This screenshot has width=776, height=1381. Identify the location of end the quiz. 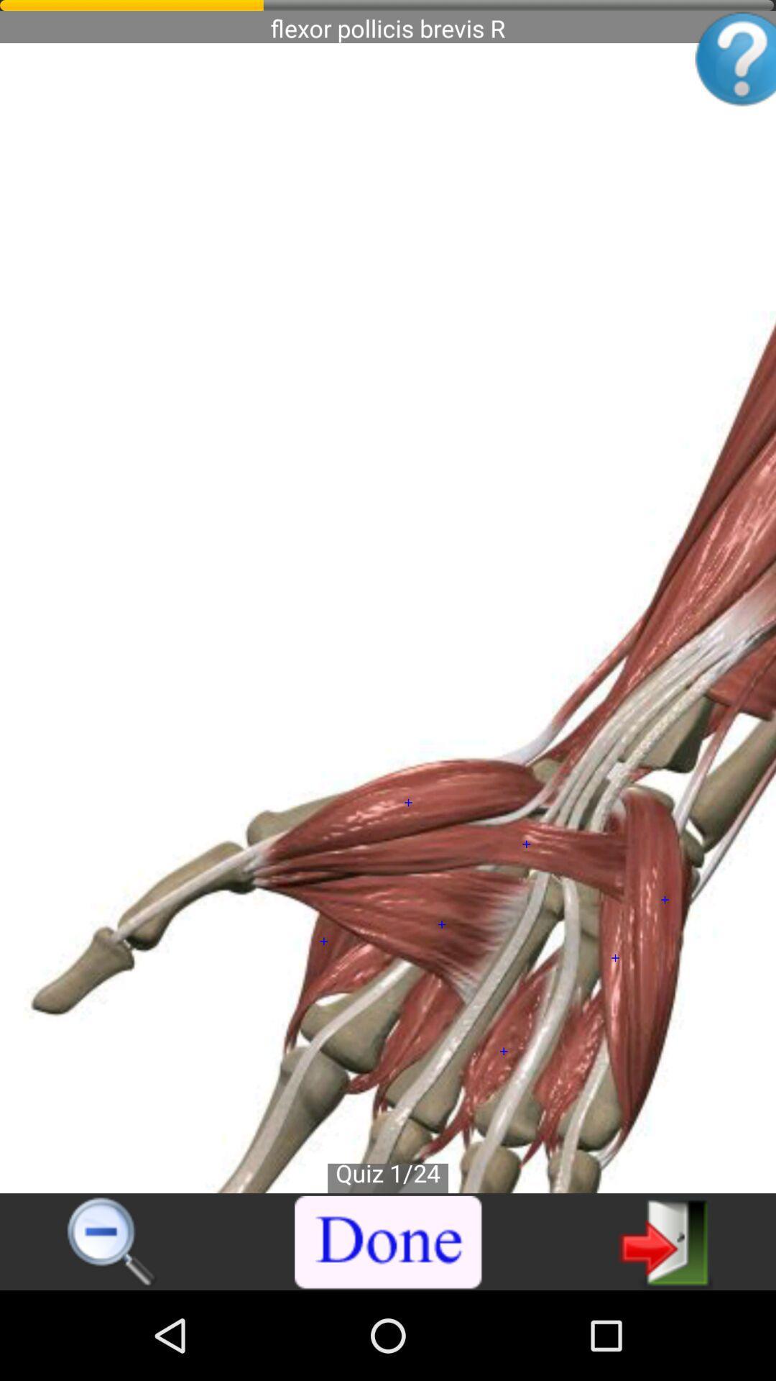
(389, 1242).